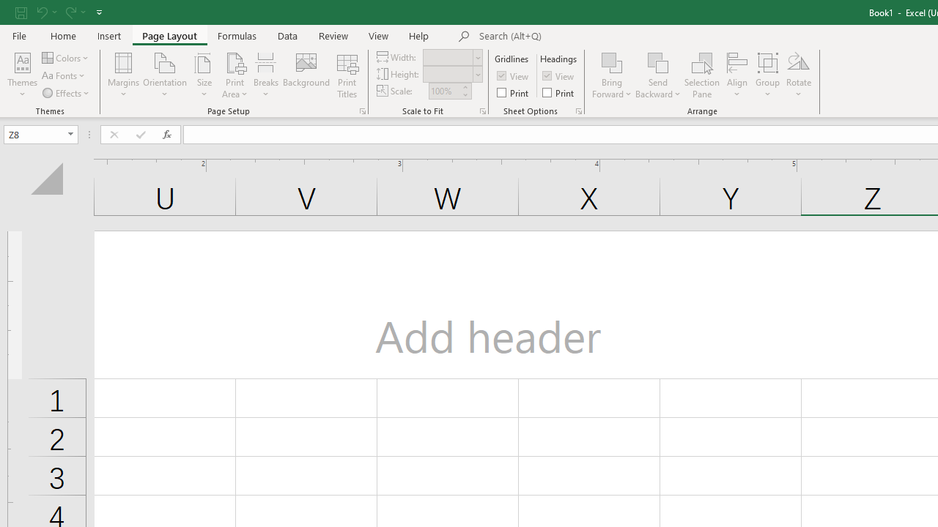 The height and width of the screenshot is (527, 938). What do you see at coordinates (21, 12) in the screenshot?
I see `'Save'` at bounding box center [21, 12].